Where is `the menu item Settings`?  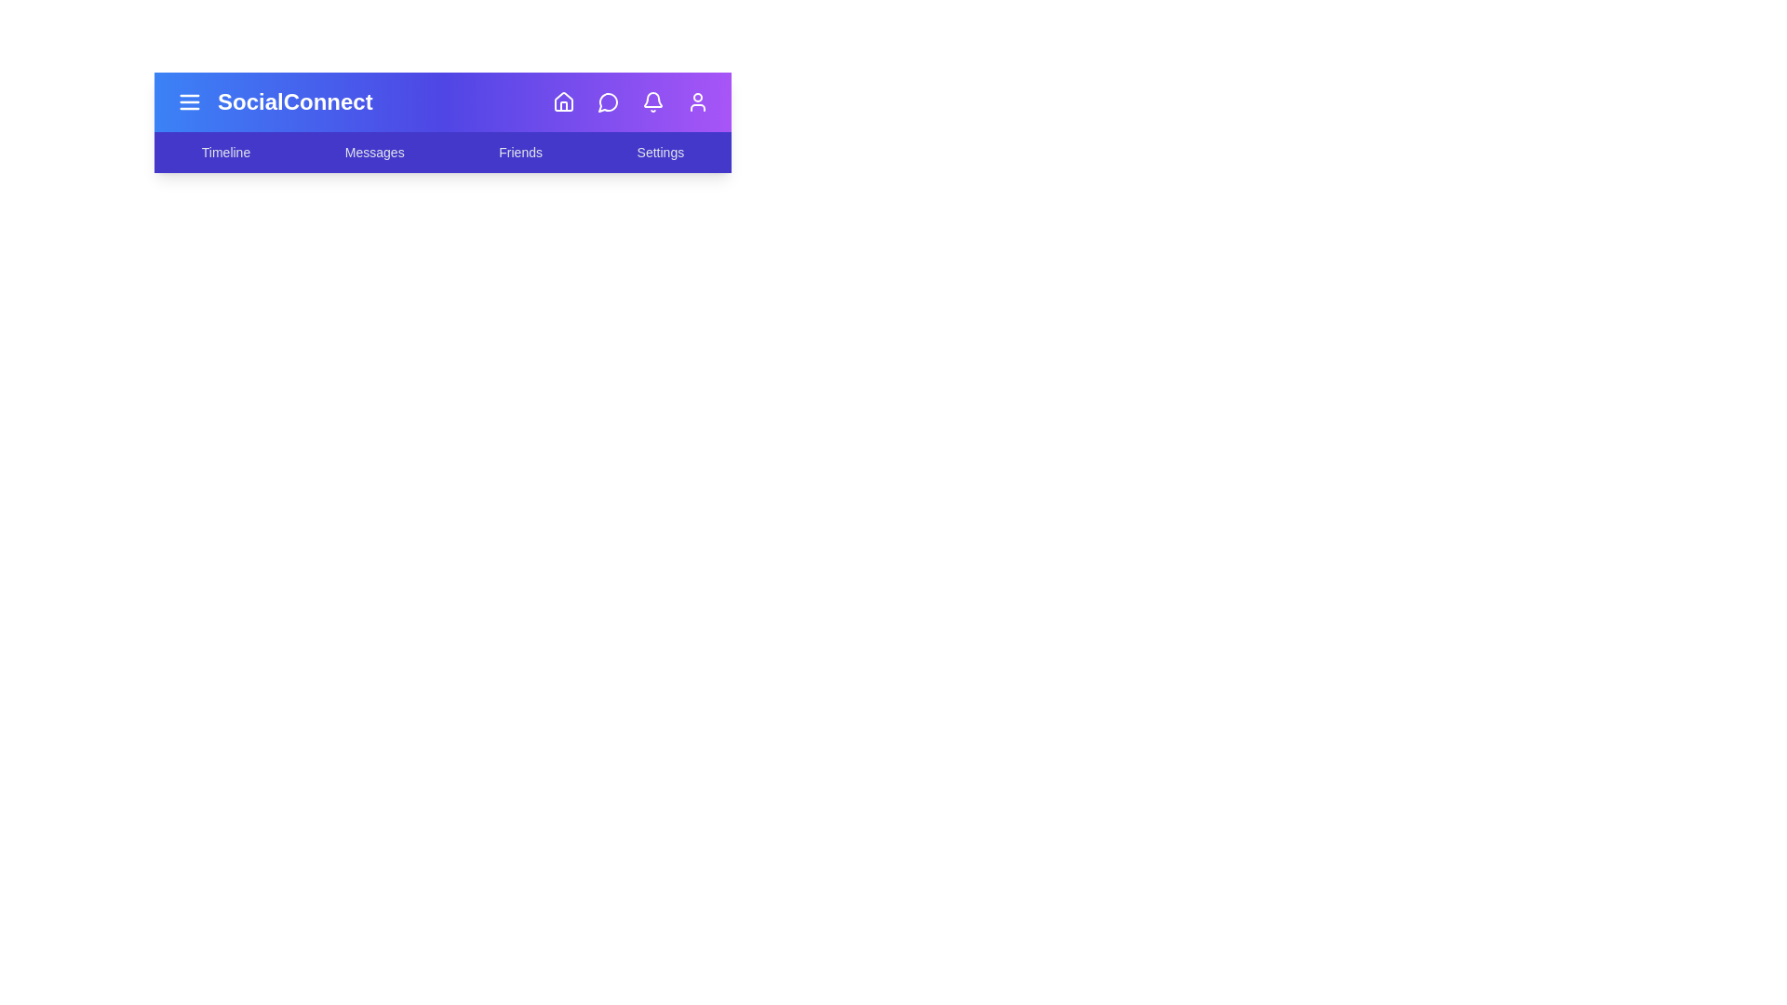 the menu item Settings is located at coordinates (660, 152).